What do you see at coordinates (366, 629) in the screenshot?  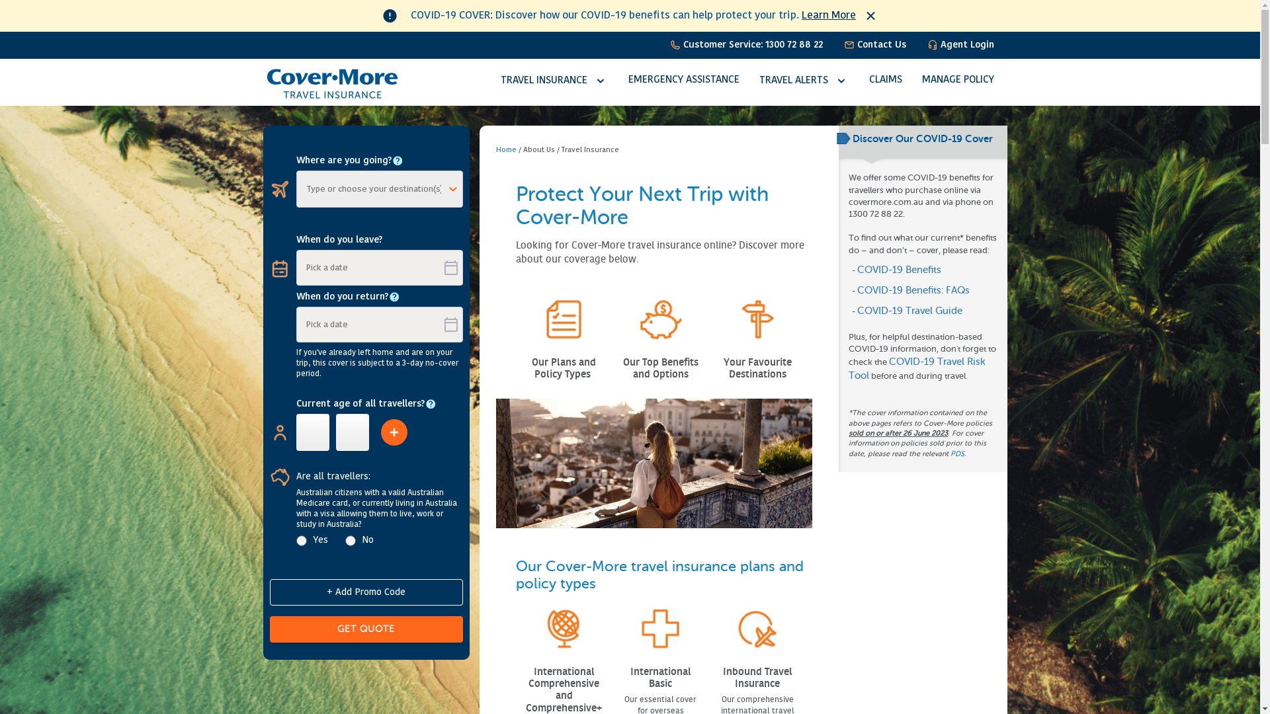 I see `'get quote'` at bounding box center [366, 629].